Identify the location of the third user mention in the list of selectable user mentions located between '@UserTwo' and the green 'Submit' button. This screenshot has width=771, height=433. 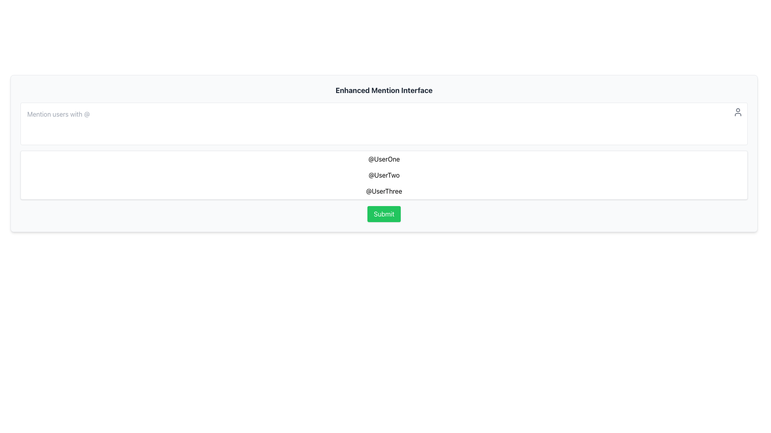
(383, 191).